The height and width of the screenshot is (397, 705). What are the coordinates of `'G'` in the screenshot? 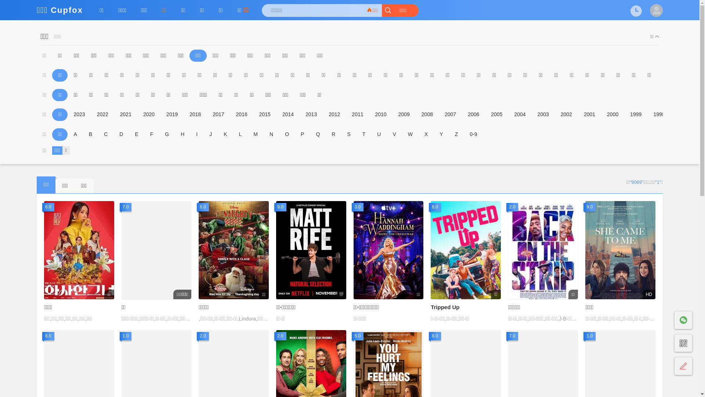 It's located at (166, 135).